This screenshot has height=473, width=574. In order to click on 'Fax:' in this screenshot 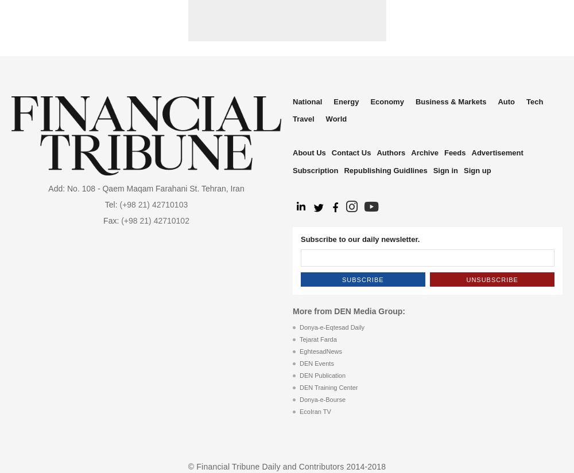, I will do `click(111, 220)`.